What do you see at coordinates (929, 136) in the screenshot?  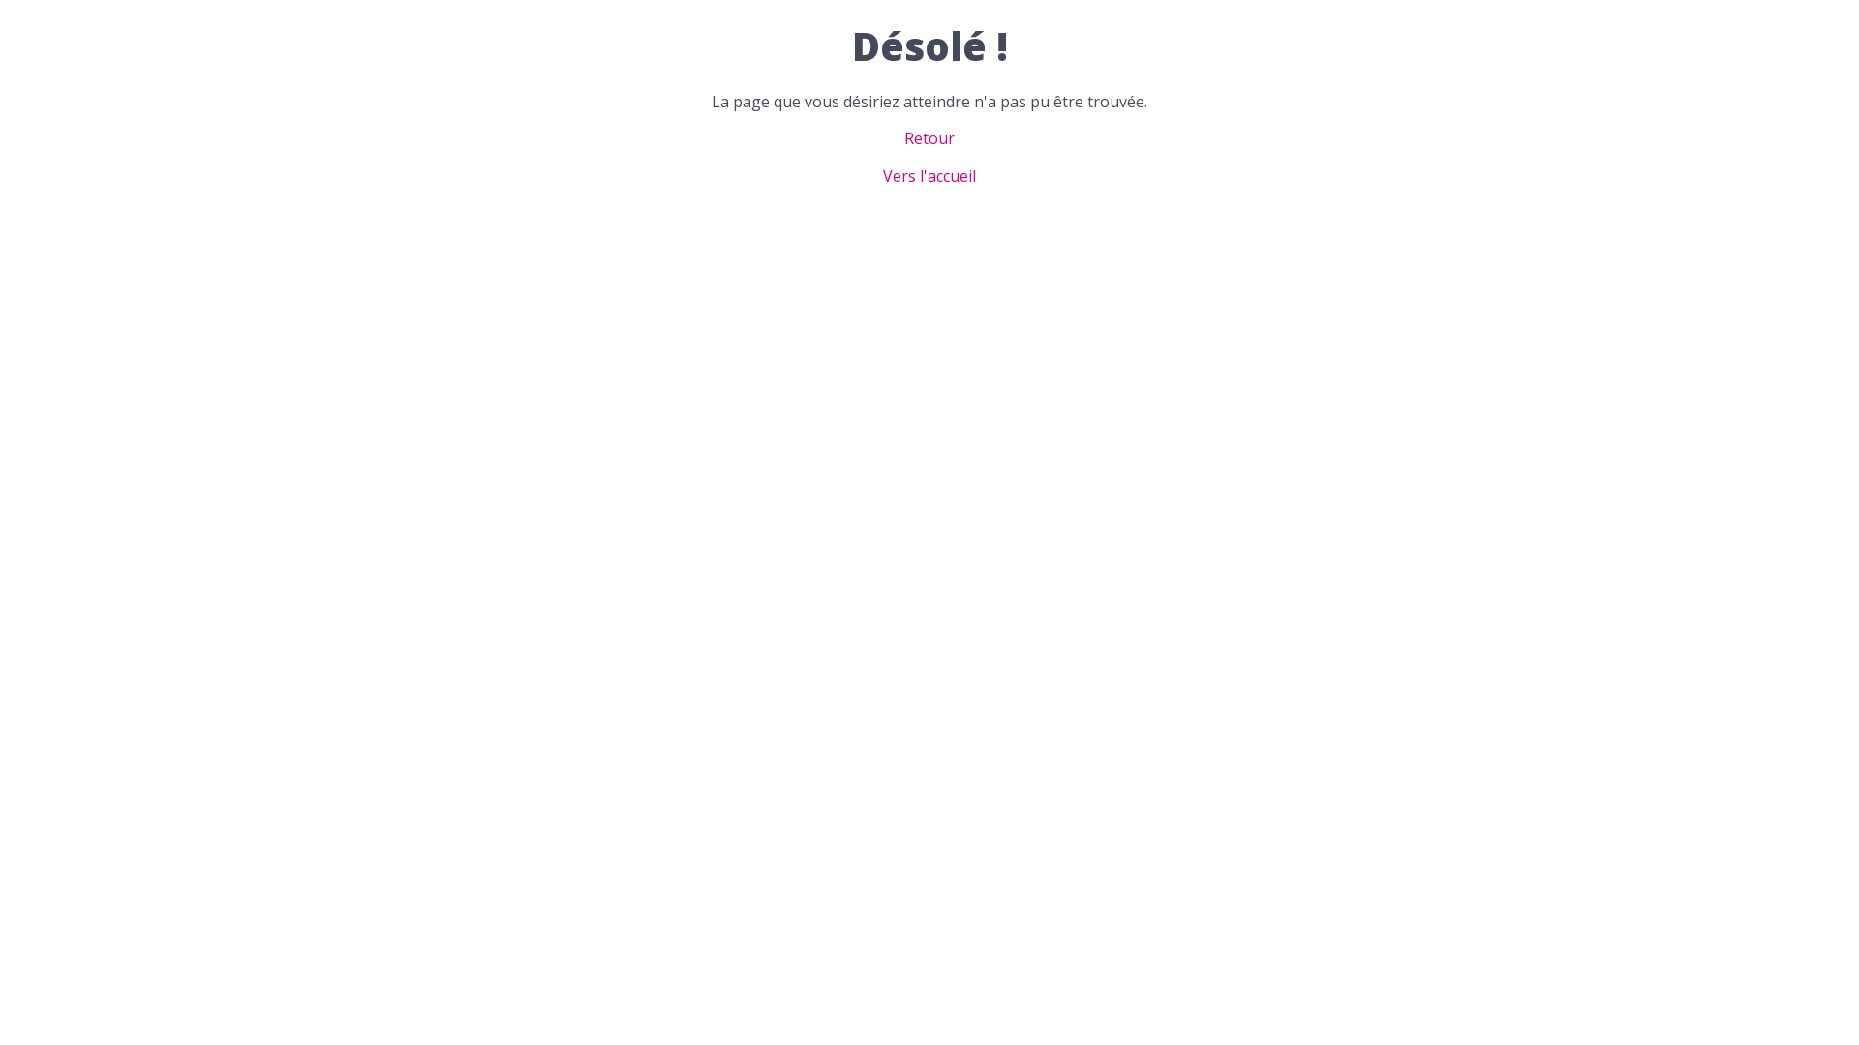 I see `'Retour'` at bounding box center [929, 136].